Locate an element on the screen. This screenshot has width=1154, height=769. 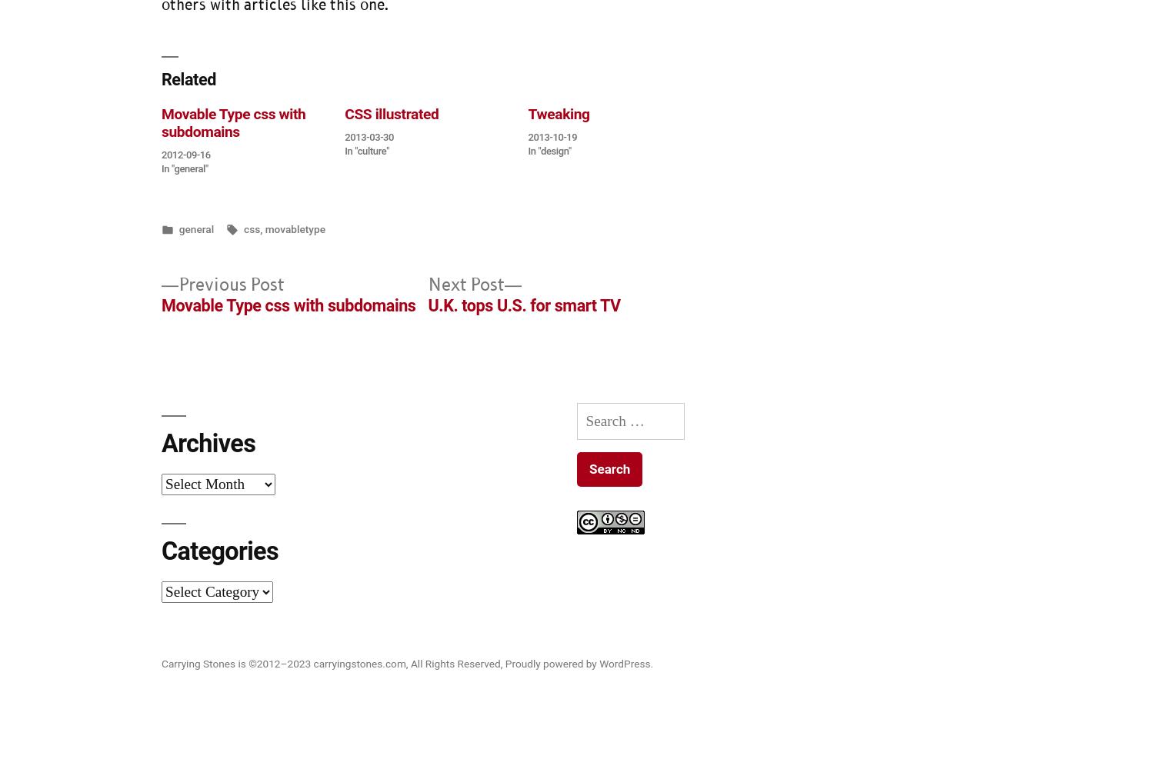
'Movable Type css with subdomains' is located at coordinates (288, 305).